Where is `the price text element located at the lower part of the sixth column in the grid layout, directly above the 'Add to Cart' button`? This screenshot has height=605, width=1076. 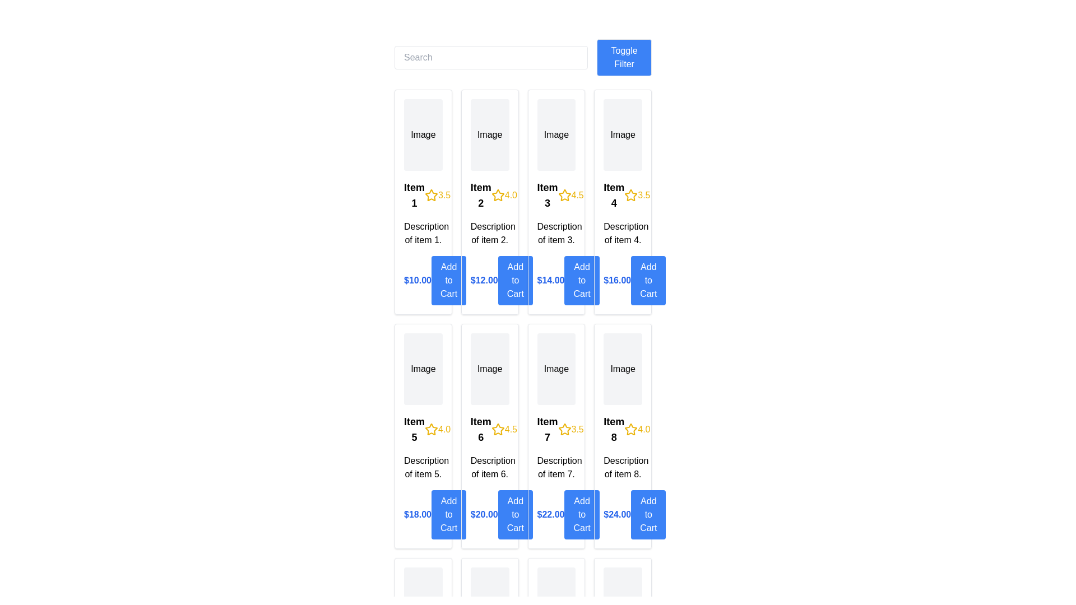
the price text element located at the lower part of the sixth column in the grid layout, directly above the 'Add to Cart' button is located at coordinates (484, 514).